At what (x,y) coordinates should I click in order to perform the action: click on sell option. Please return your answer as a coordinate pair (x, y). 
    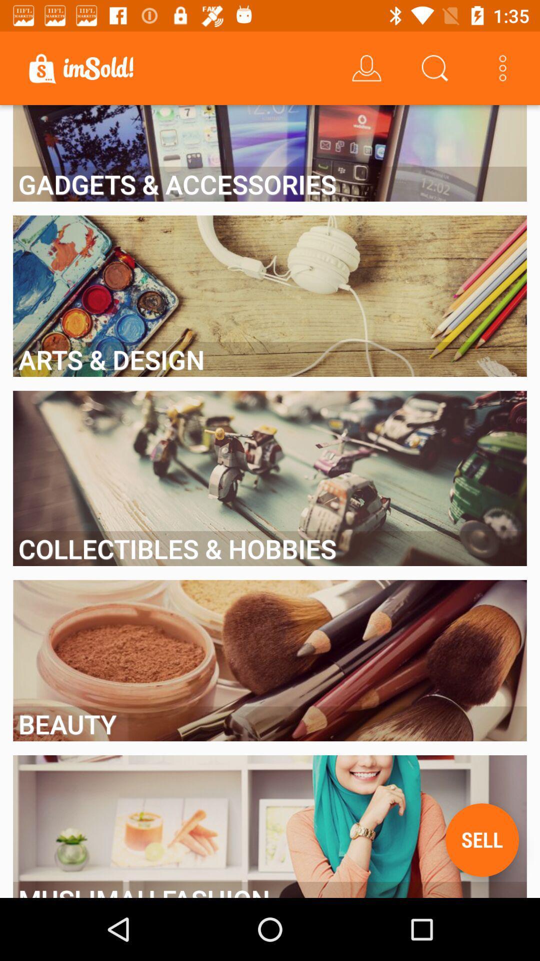
    Looking at the image, I should click on (481, 840).